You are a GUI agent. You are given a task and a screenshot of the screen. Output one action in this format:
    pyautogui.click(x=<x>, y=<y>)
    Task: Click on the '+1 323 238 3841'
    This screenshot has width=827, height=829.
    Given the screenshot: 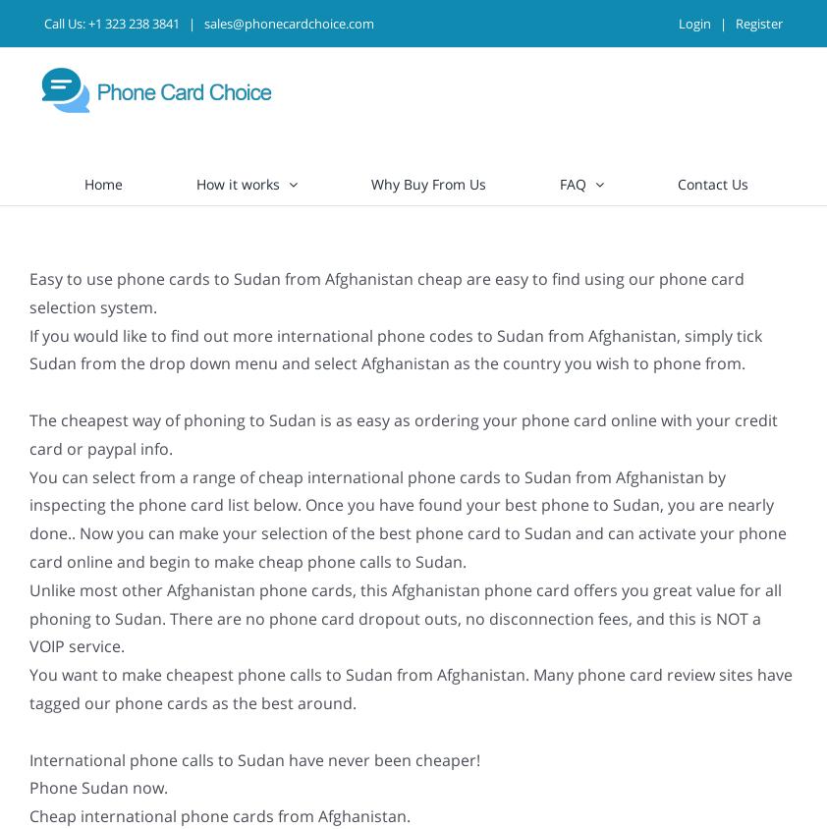 What is the action you would take?
    pyautogui.click(x=133, y=22)
    